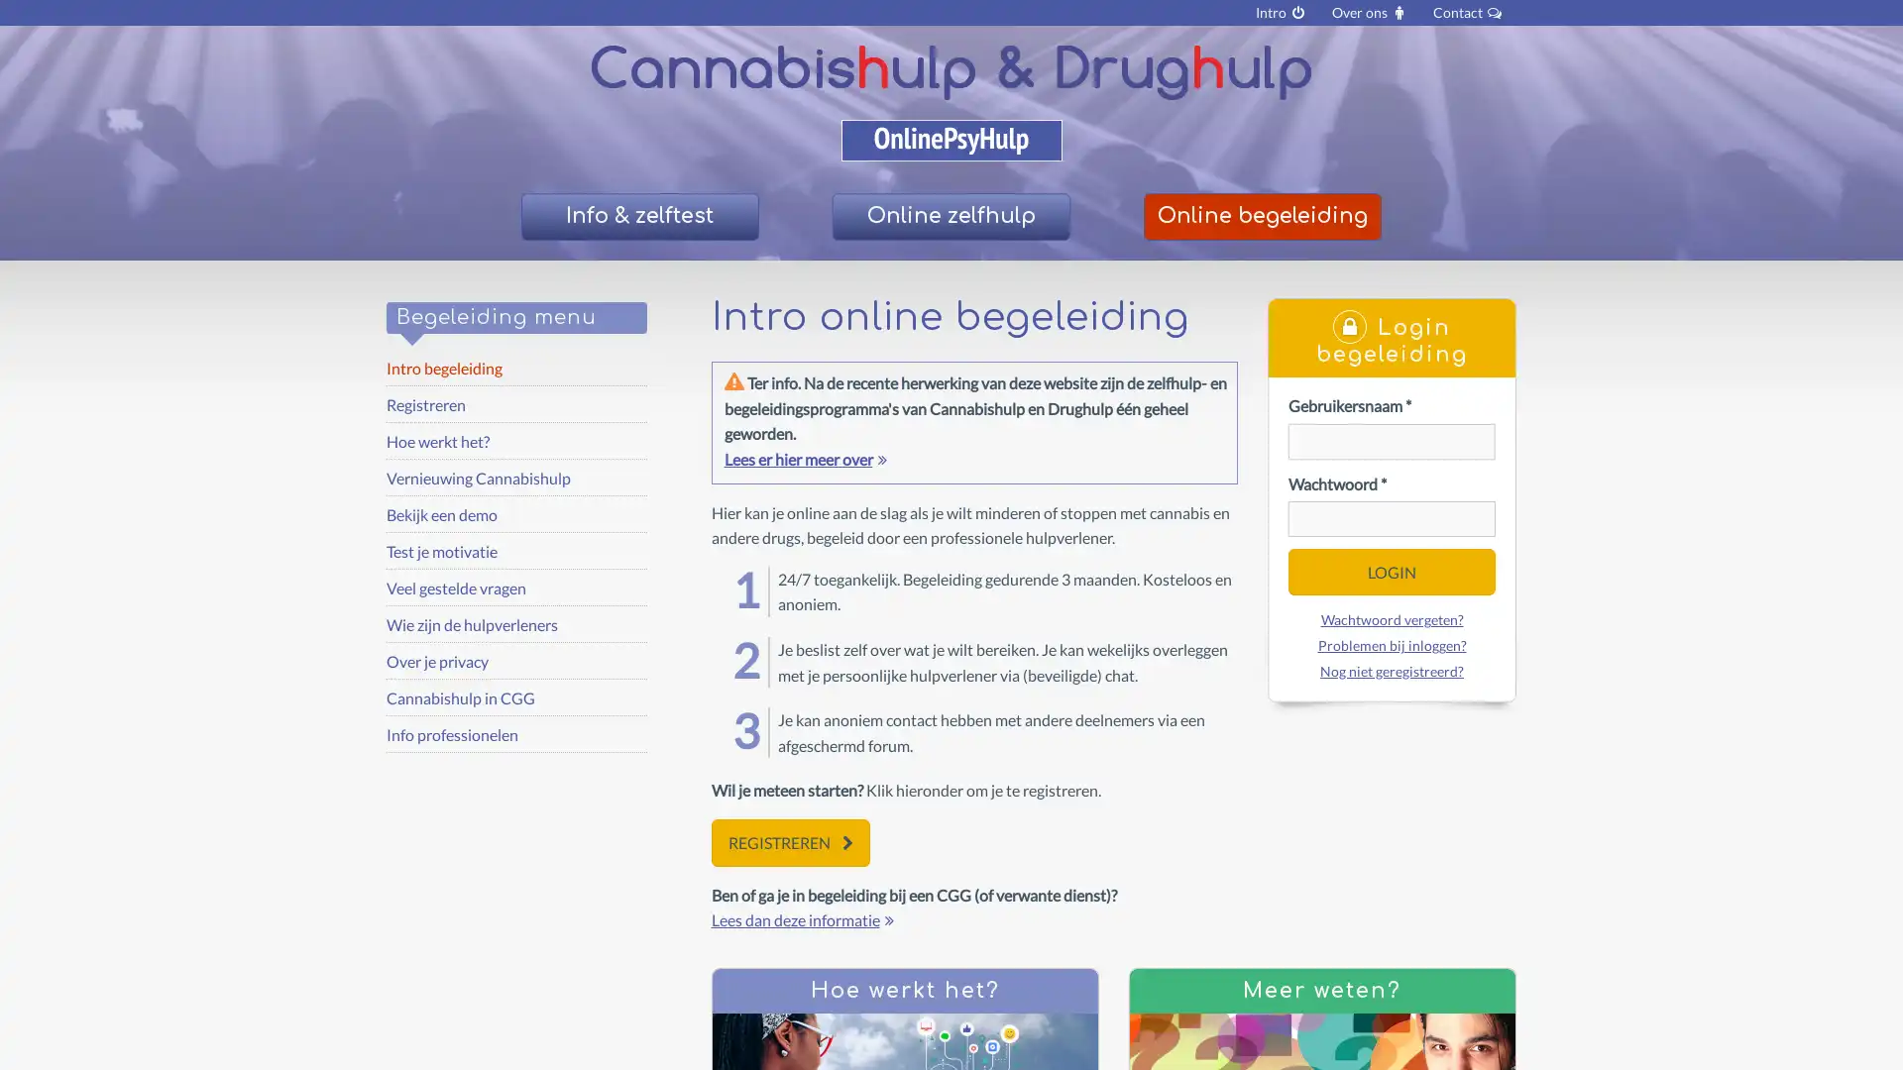  What do you see at coordinates (1260, 217) in the screenshot?
I see `Online begeleiding` at bounding box center [1260, 217].